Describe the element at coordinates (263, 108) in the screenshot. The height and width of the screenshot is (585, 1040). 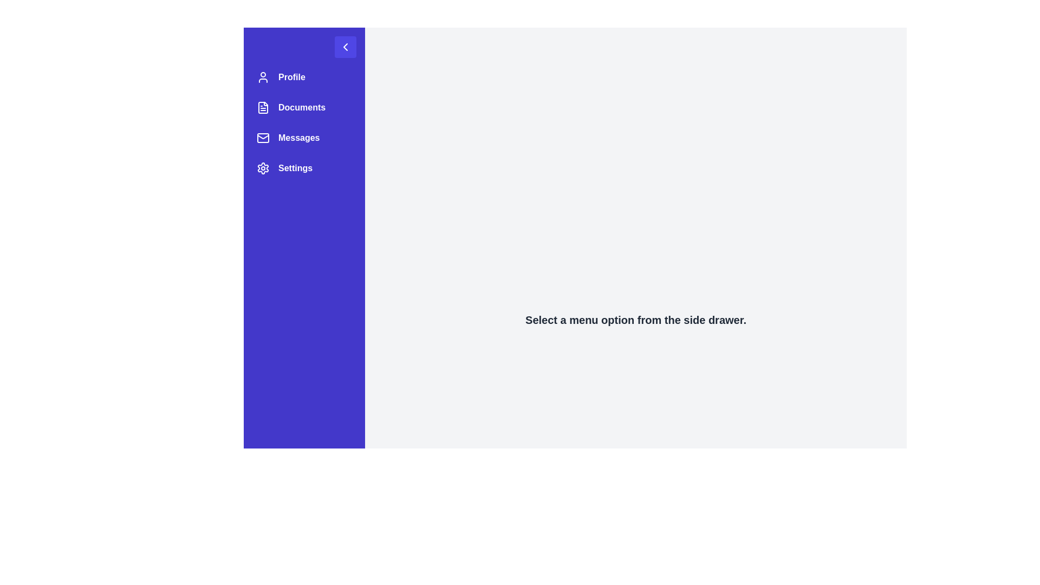
I see `the 'Documents' icon in the left navigation menu` at that location.